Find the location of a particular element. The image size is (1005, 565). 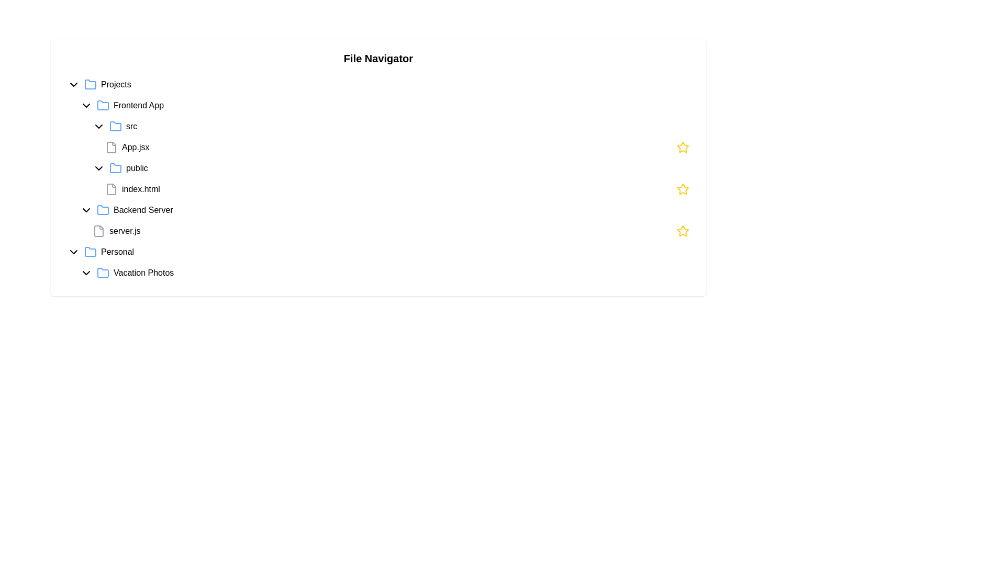

the Chevron Down icon is located at coordinates (86, 105).